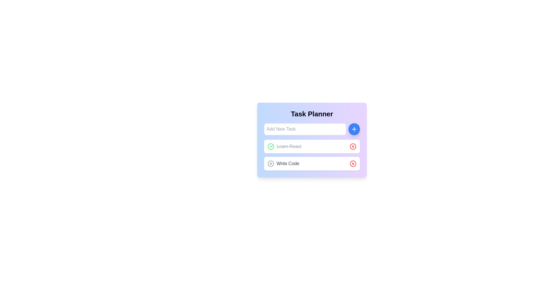 This screenshot has width=548, height=308. What do you see at coordinates (354, 129) in the screenshot?
I see `the 'Add Task' button located on the right side of the input field under the 'Task Planner' heading` at bounding box center [354, 129].